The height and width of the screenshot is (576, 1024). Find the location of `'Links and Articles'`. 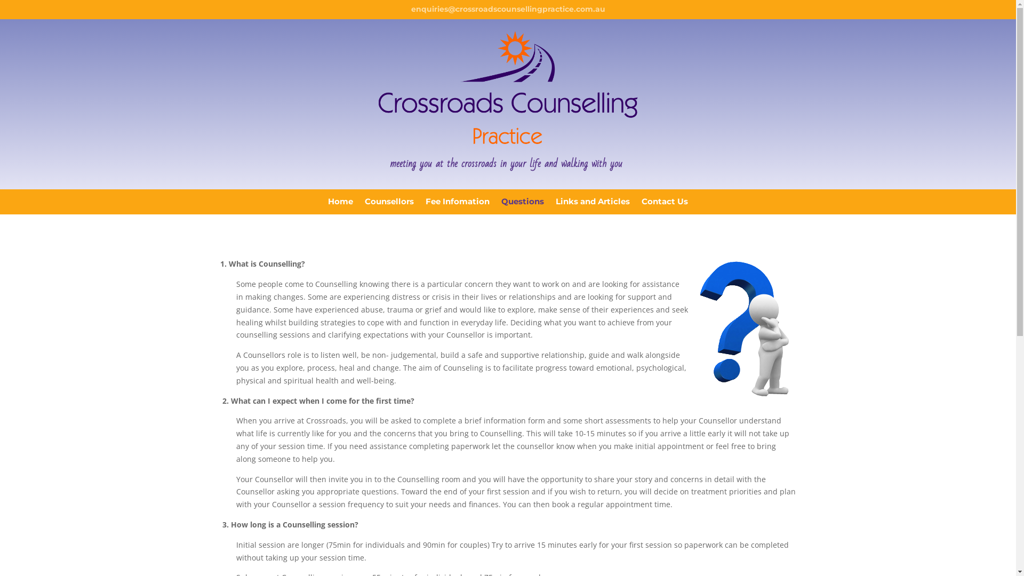

'Links and Articles' is located at coordinates (555, 203).